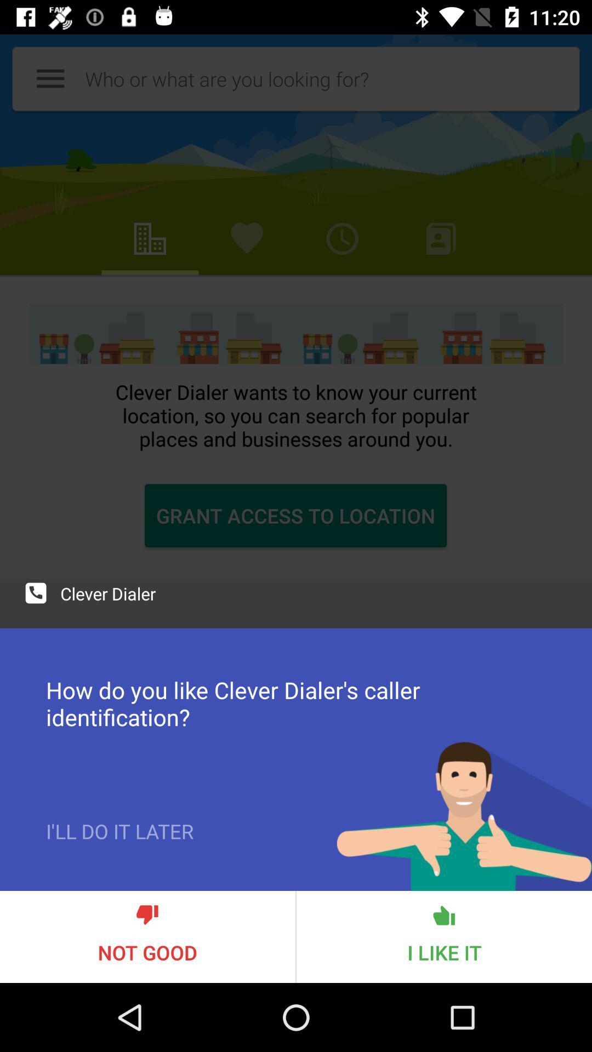 The width and height of the screenshot is (592, 1052). What do you see at coordinates (147, 936) in the screenshot?
I see `icon below the i ll do icon` at bounding box center [147, 936].